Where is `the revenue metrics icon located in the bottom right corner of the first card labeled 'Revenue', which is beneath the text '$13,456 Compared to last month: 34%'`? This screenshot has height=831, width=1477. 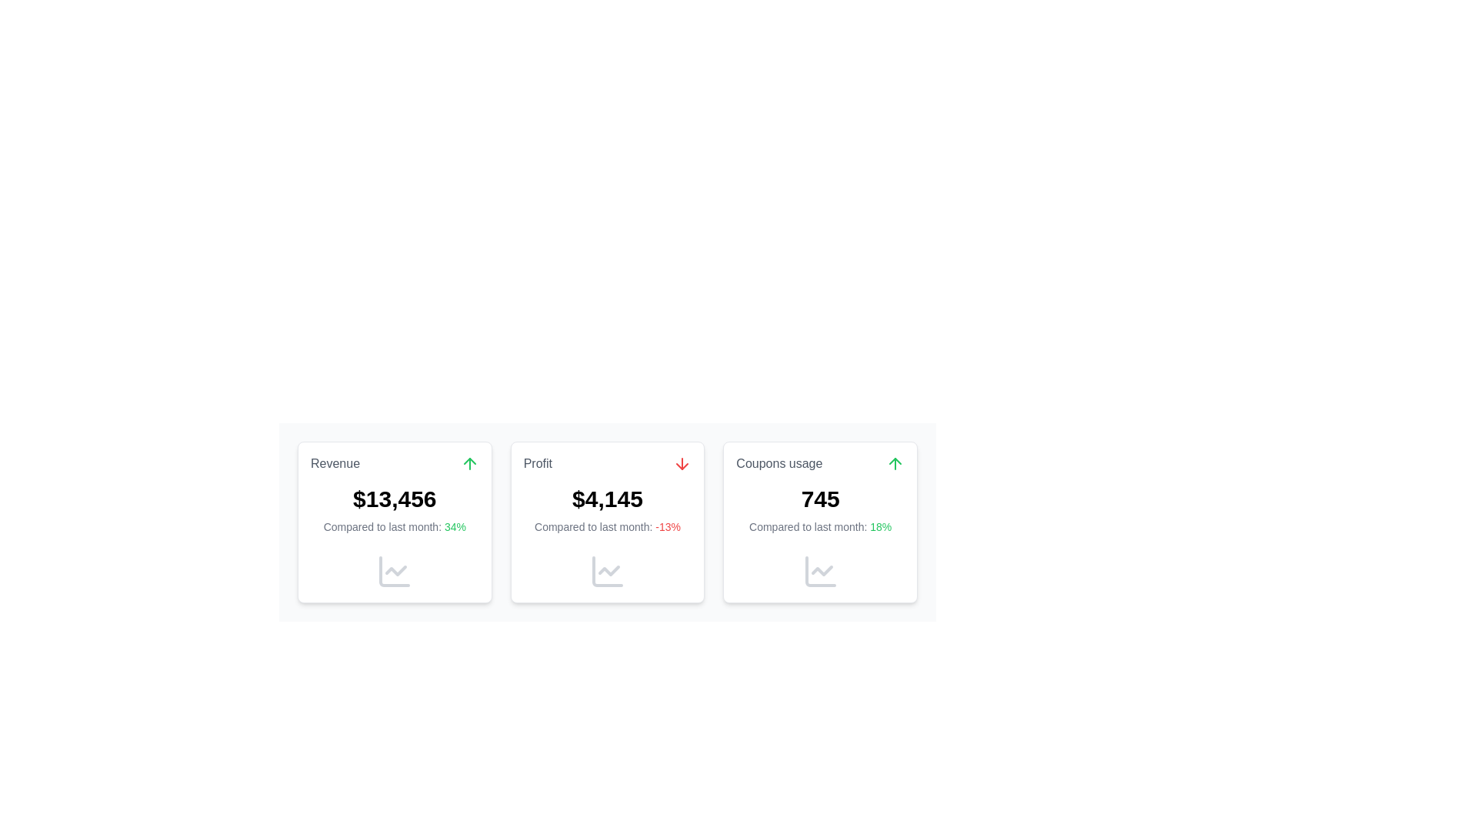 the revenue metrics icon located in the bottom right corner of the first card labeled 'Revenue', which is beneath the text '$13,456 Compared to last month: 34%' is located at coordinates (395, 572).